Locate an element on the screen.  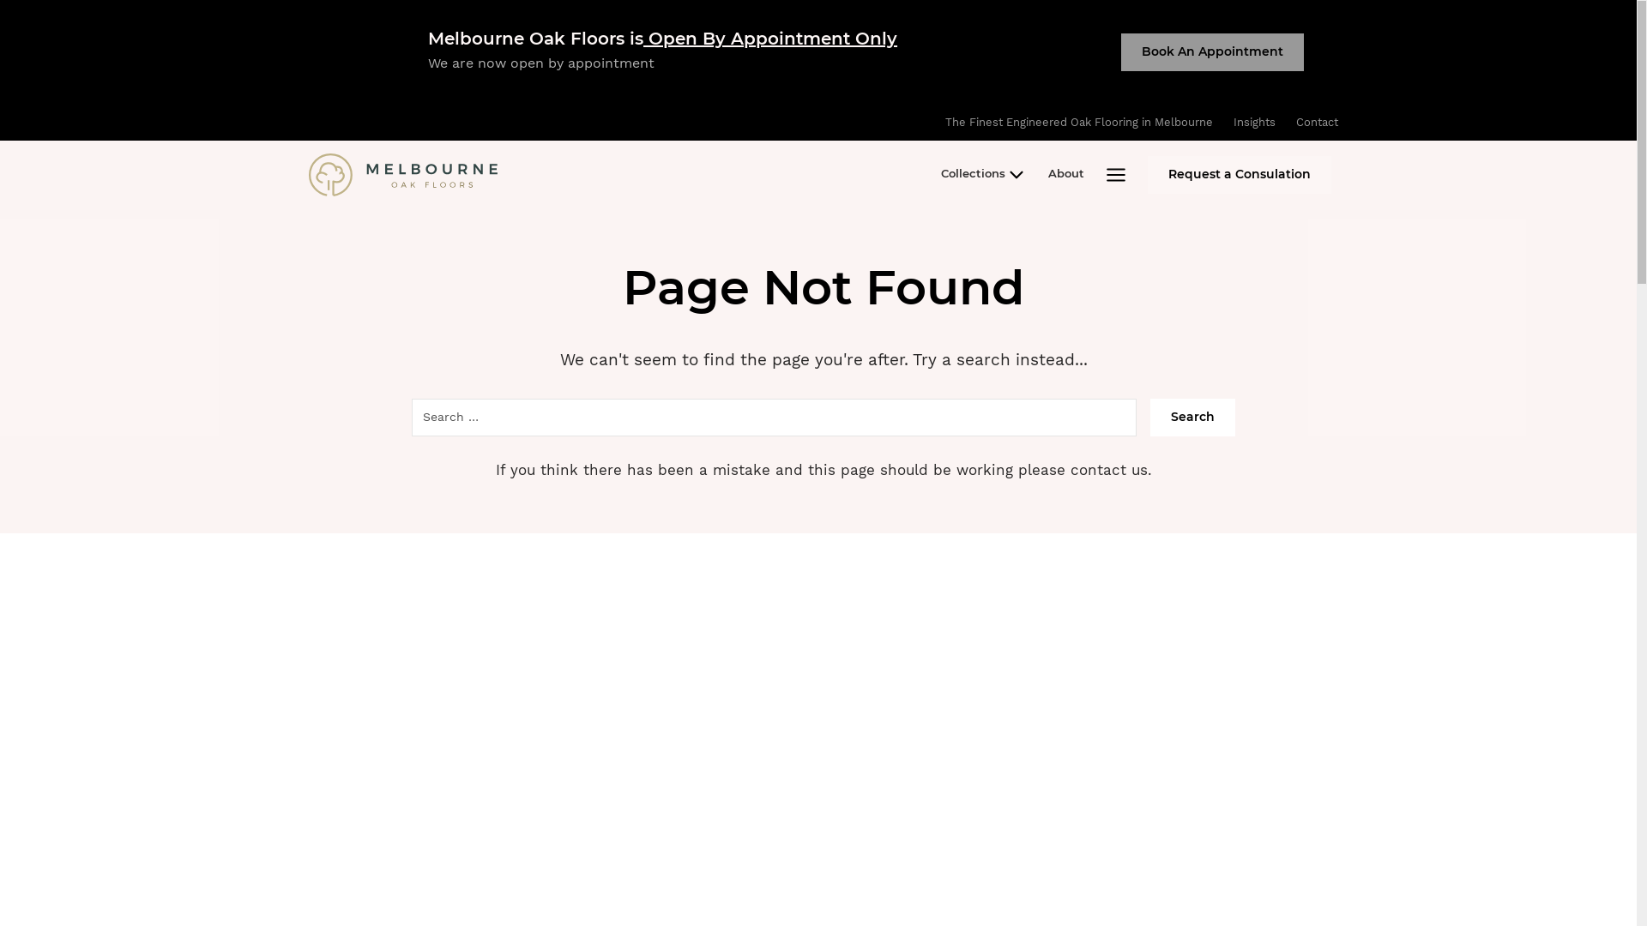
'Collections' is located at coordinates (984, 175).